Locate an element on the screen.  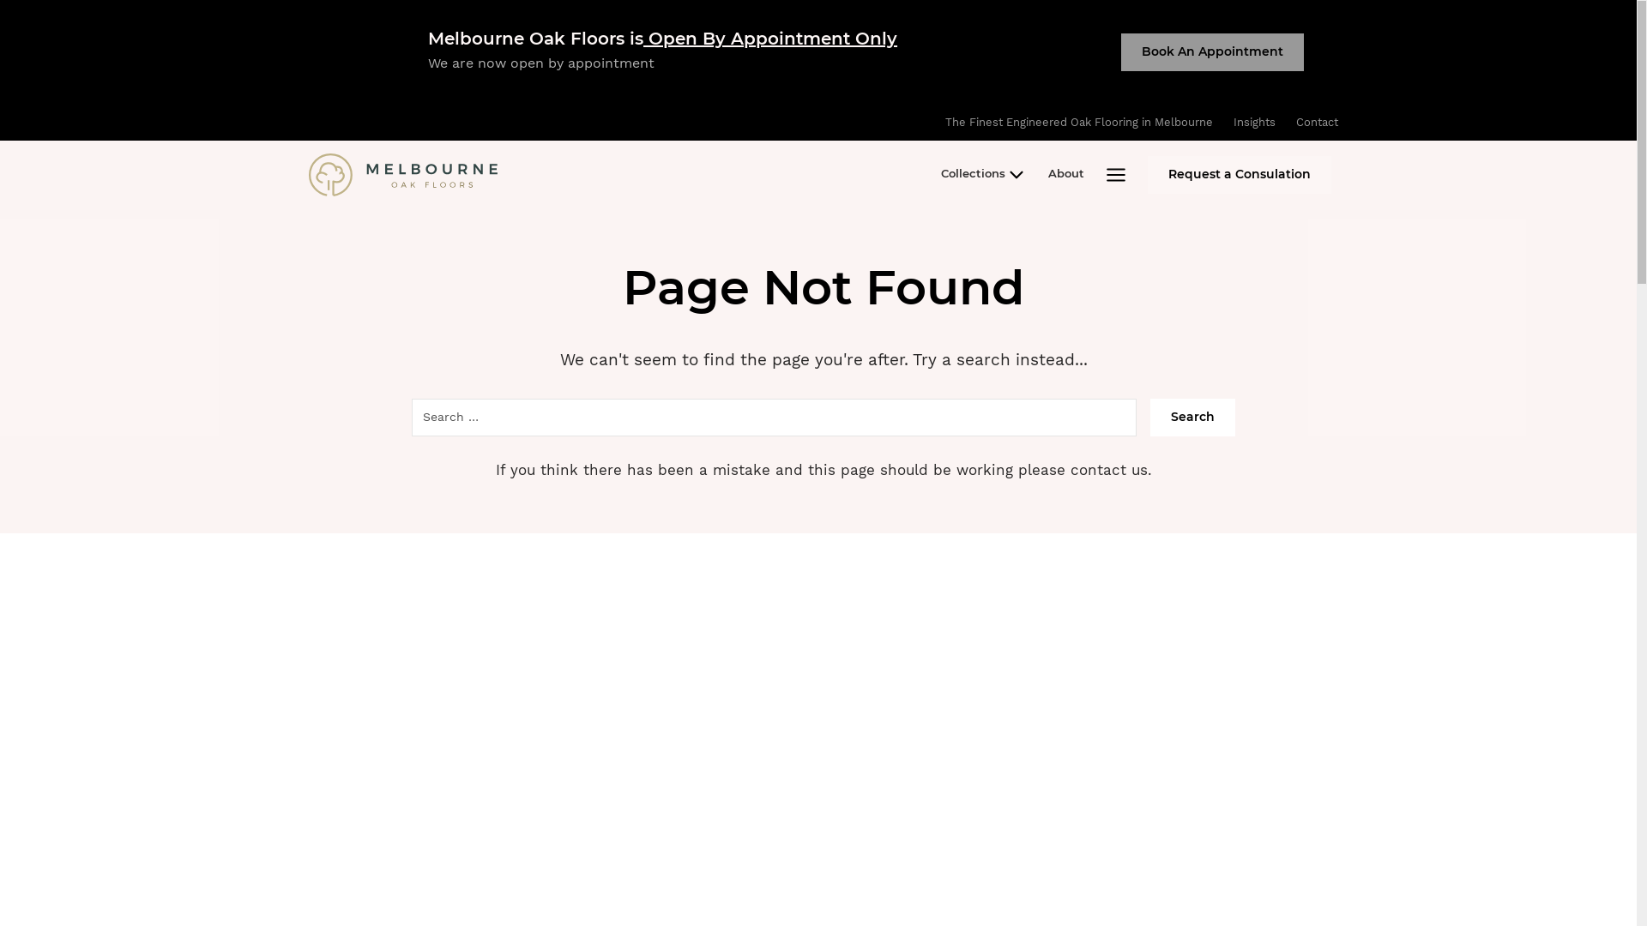
'Collections' is located at coordinates (984, 175).